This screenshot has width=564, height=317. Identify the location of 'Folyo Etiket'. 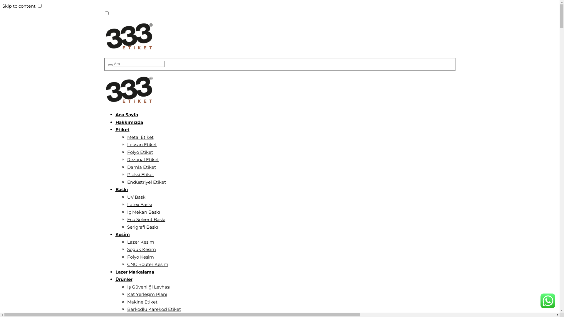
(139, 152).